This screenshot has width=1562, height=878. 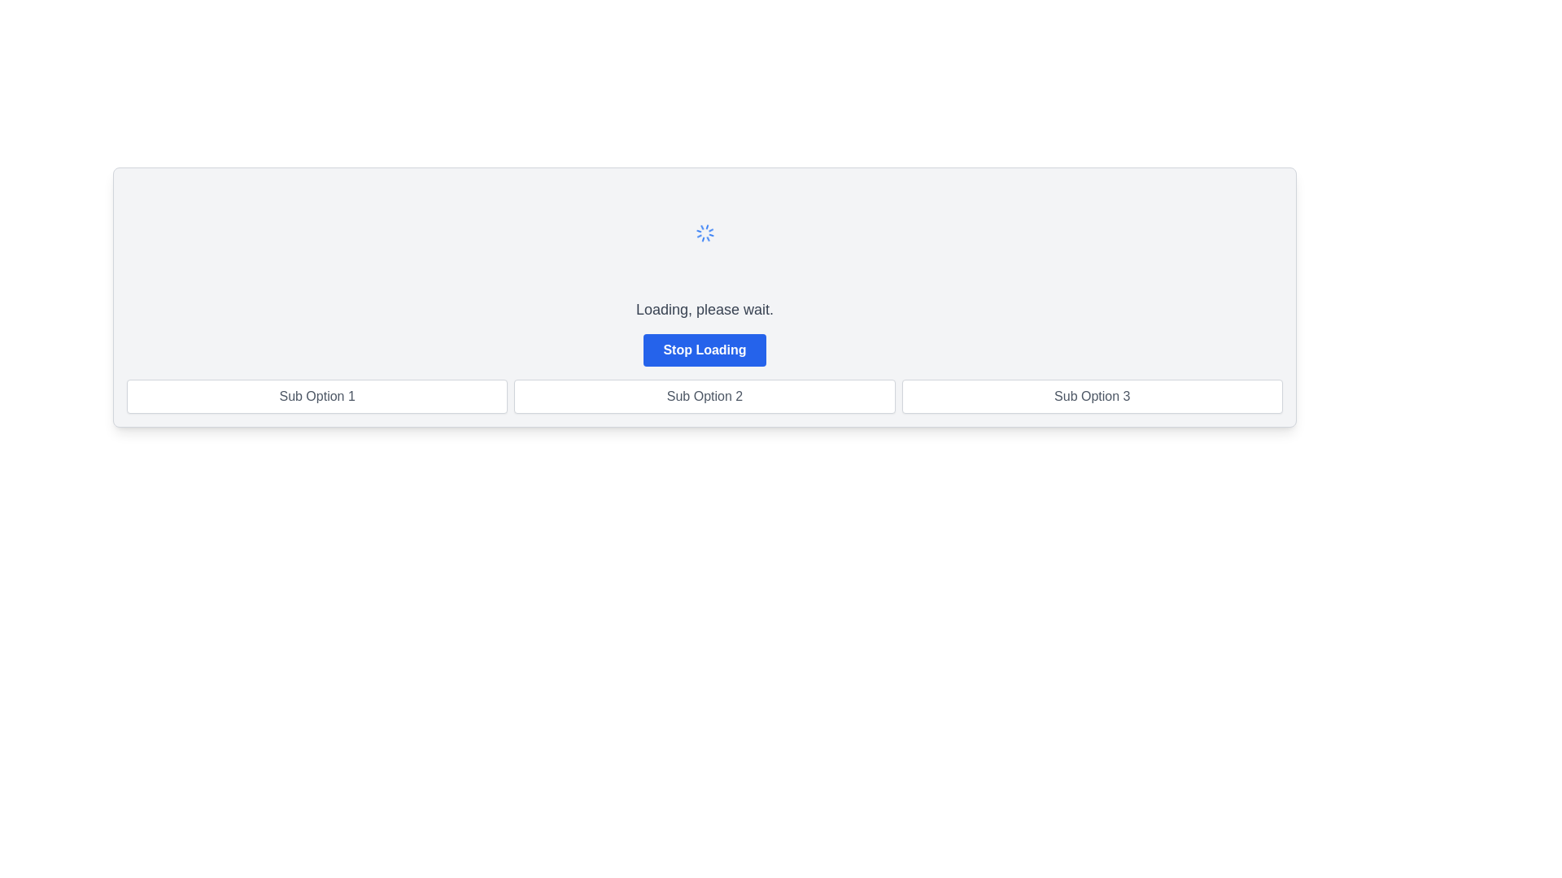 I want to click on the text label reading 'Loading, please wait.' which is center-aligned in gray above the 'Stop Loading' button, so click(x=705, y=310).